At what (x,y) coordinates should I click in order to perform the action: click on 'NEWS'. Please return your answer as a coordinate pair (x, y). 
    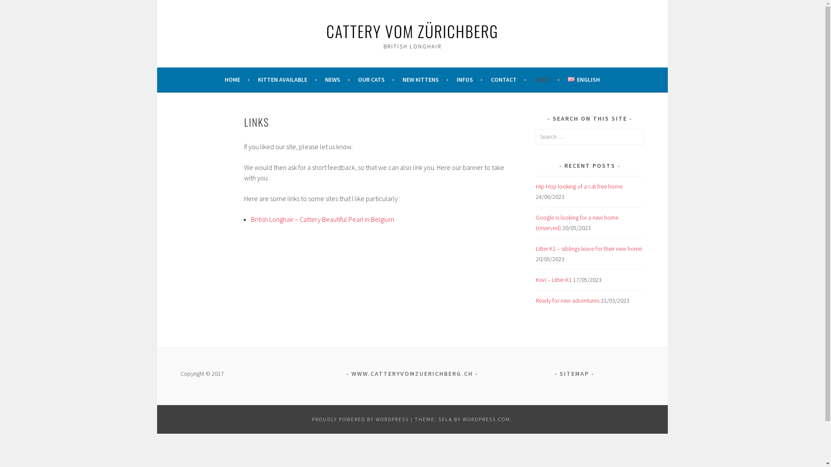
    Looking at the image, I should click on (337, 80).